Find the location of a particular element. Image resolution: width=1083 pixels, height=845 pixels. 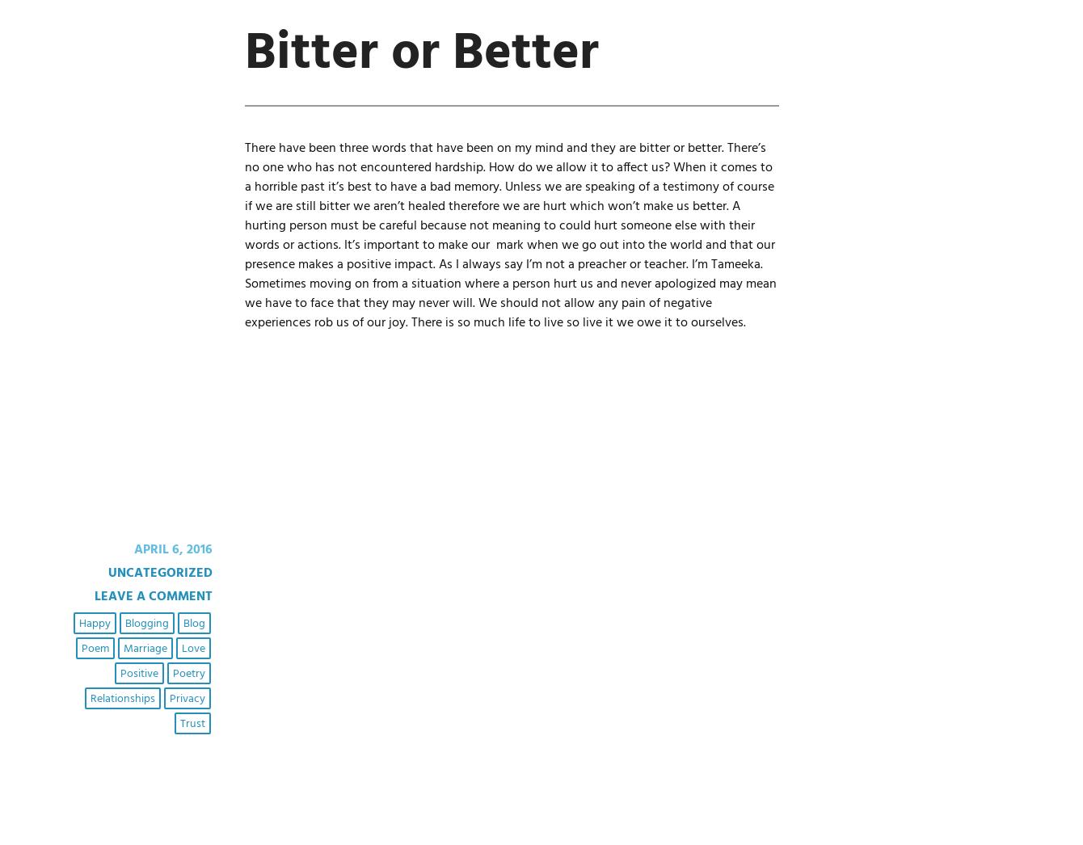

'positive' is located at coordinates (137, 673).